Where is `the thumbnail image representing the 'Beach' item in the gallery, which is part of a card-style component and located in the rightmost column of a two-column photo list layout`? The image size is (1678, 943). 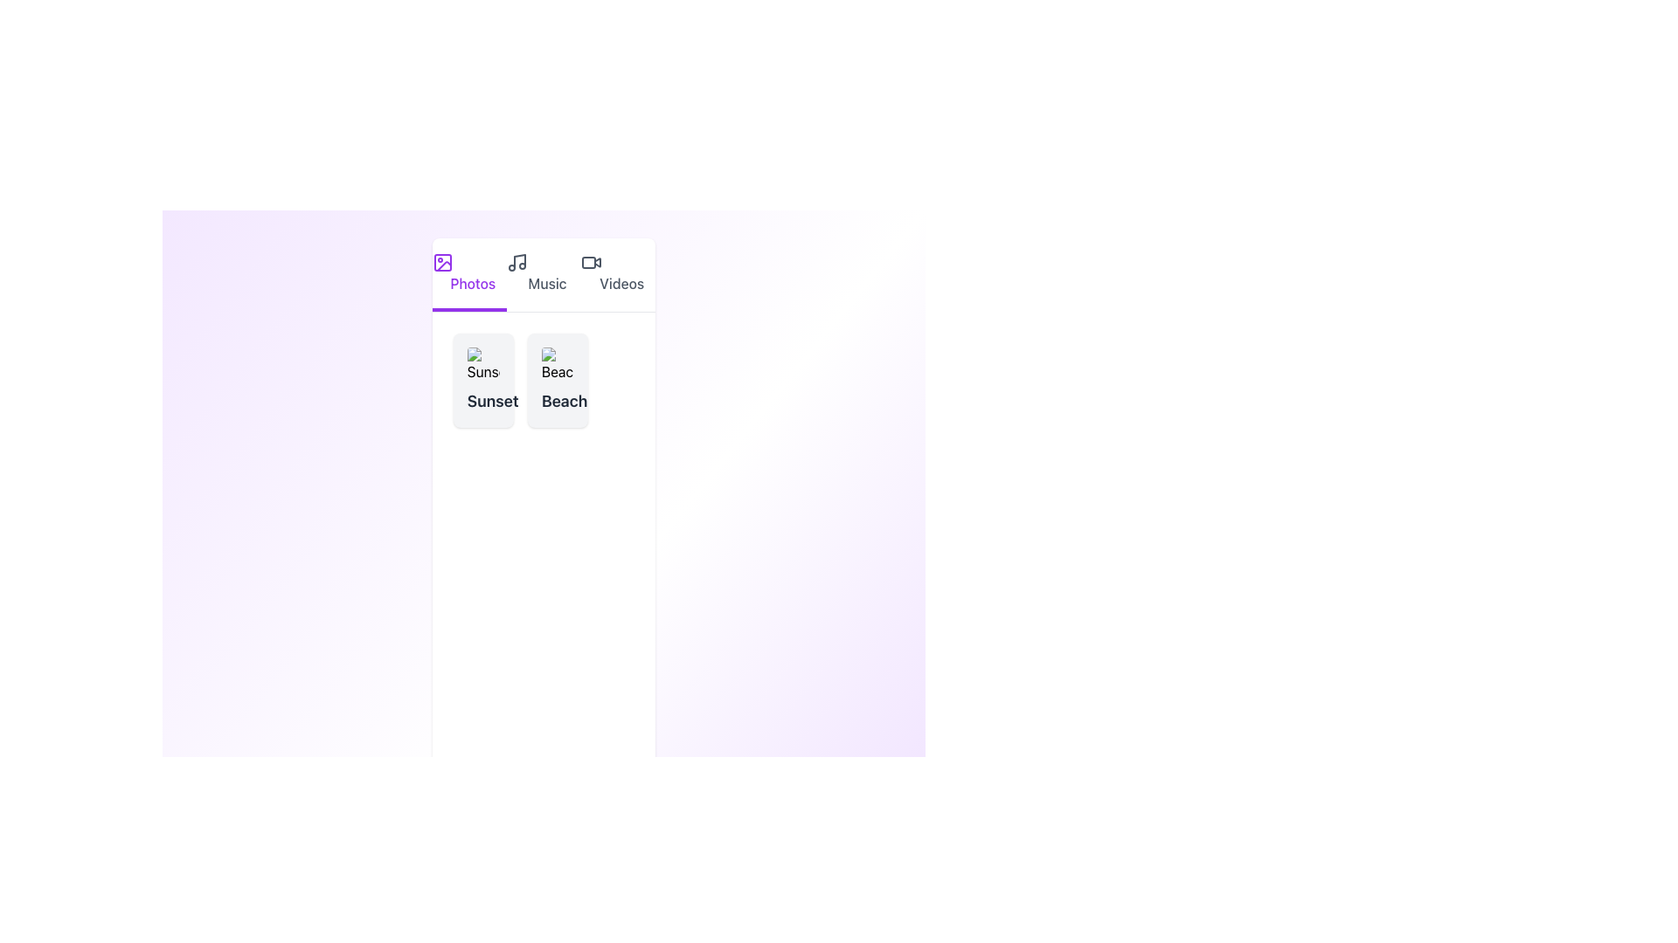
the thumbnail image representing the 'Beach' item in the gallery, which is part of a card-style component and located in the rightmost column of a two-column photo list layout is located at coordinates (557, 363).